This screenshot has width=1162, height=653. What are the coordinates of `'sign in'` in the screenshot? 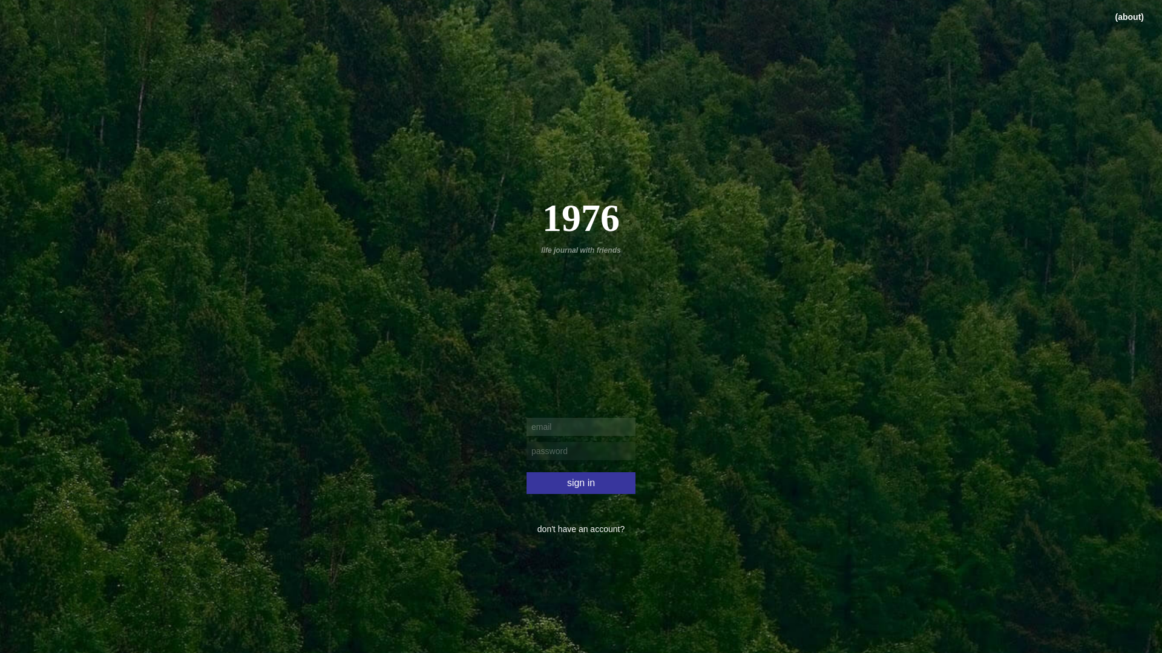 It's located at (526, 482).